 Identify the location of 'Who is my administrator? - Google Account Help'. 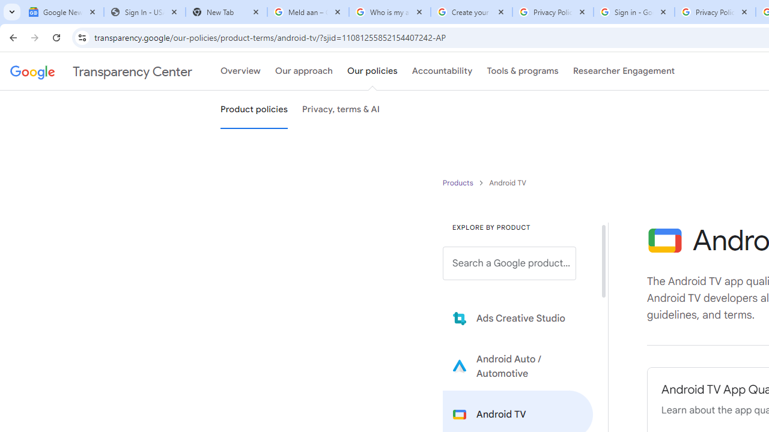
(389, 12).